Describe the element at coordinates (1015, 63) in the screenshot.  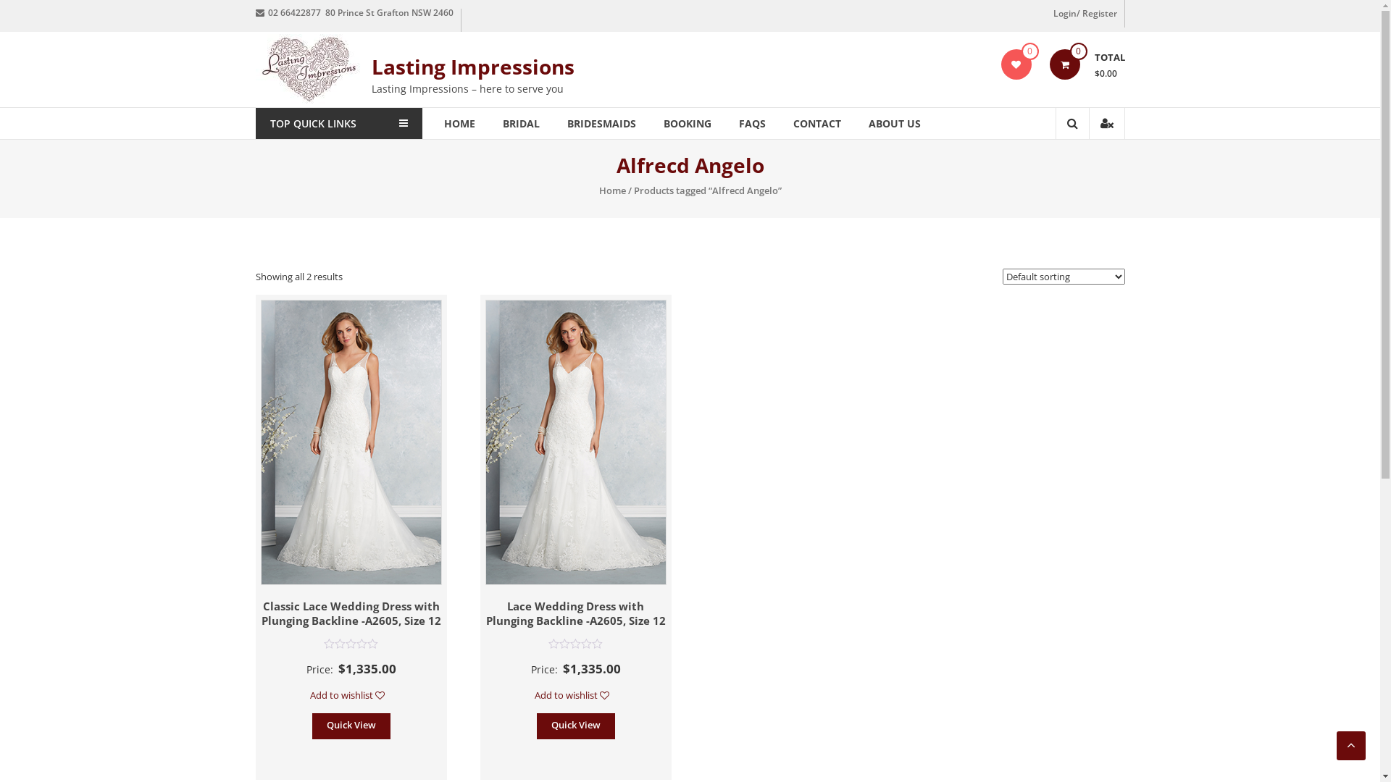
I see `'0'` at that location.